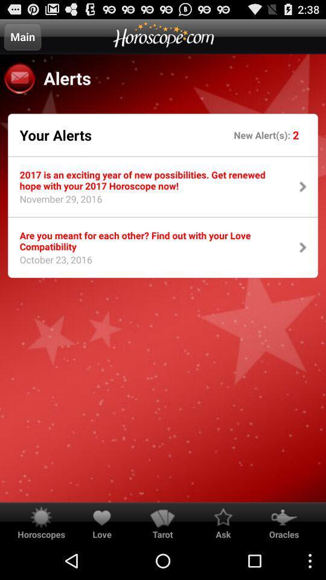 The width and height of the screenshot is (326, 580). Describe the element at coordinates (56, 202) in the screenshot. I see `the november 29, 2016` at that location.